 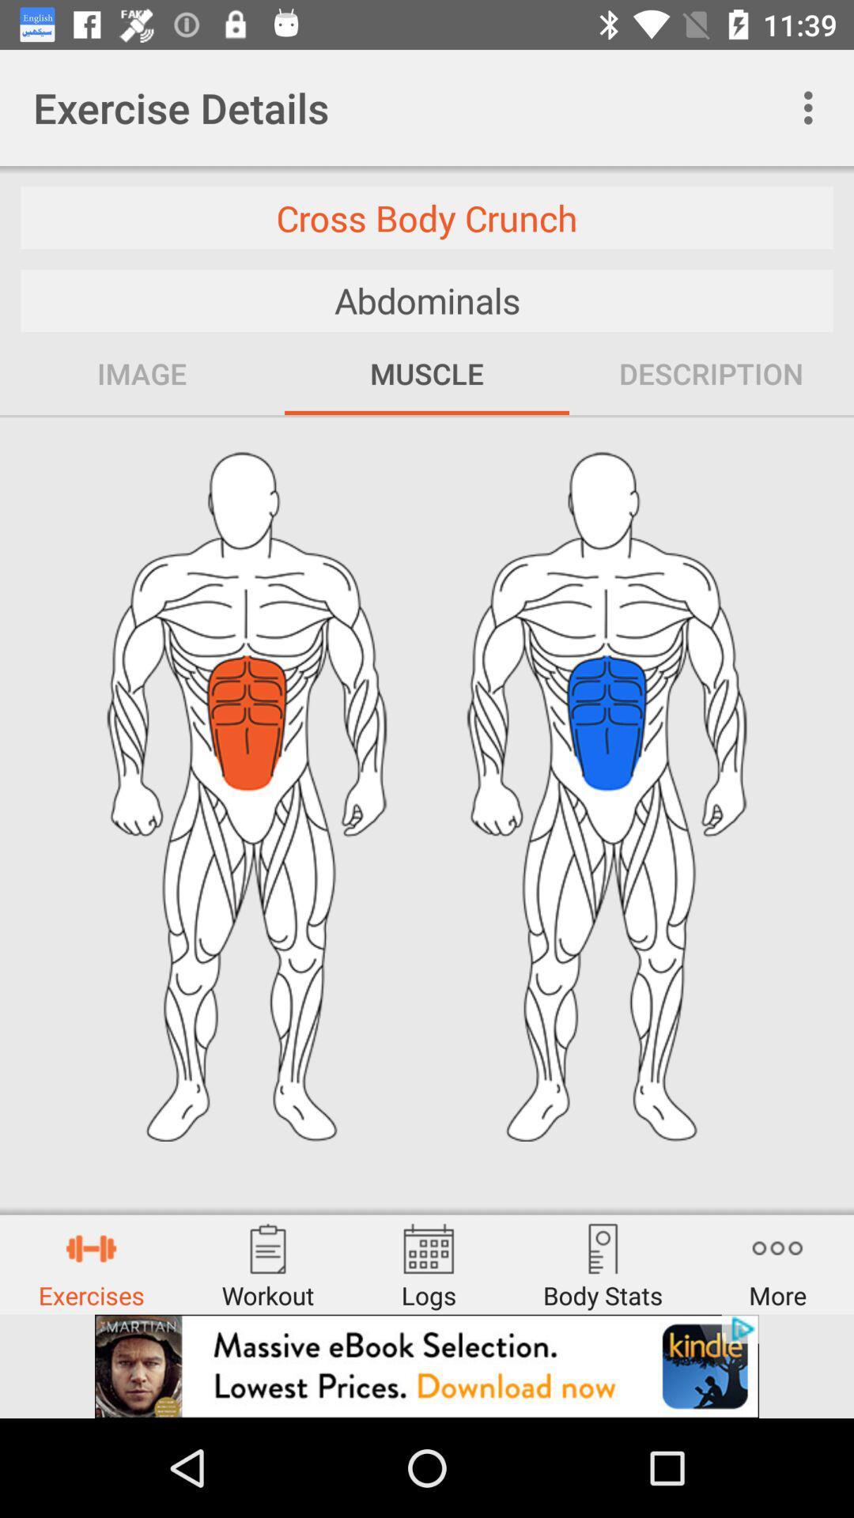 What do you see at coordinates (427, 1365) in the screenshot?
I see `open advertisements` at bounding box center [427, 1365].